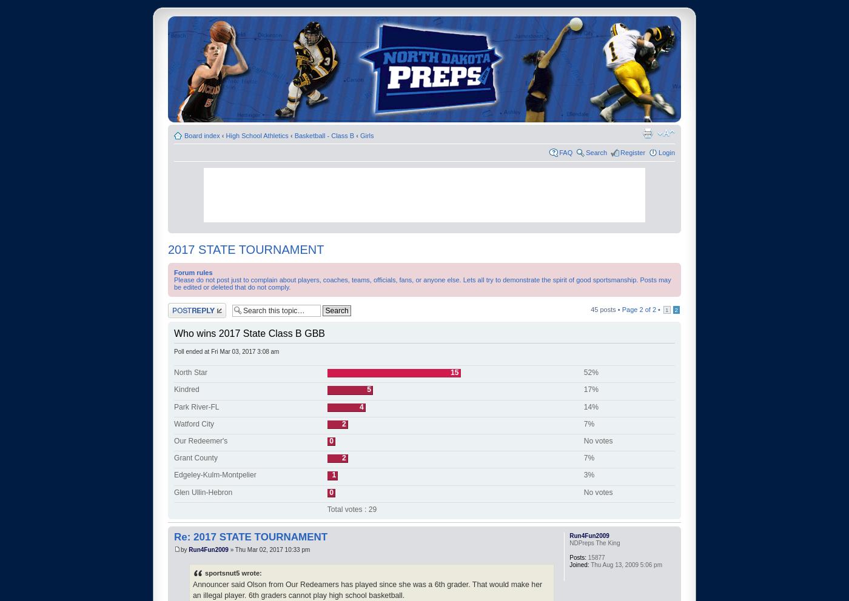 The image size is (849, 601). What do you see at coordinates (225, 135) in the screenshot?
I see `'High School Athletics'` at bounding box center [225, 135].